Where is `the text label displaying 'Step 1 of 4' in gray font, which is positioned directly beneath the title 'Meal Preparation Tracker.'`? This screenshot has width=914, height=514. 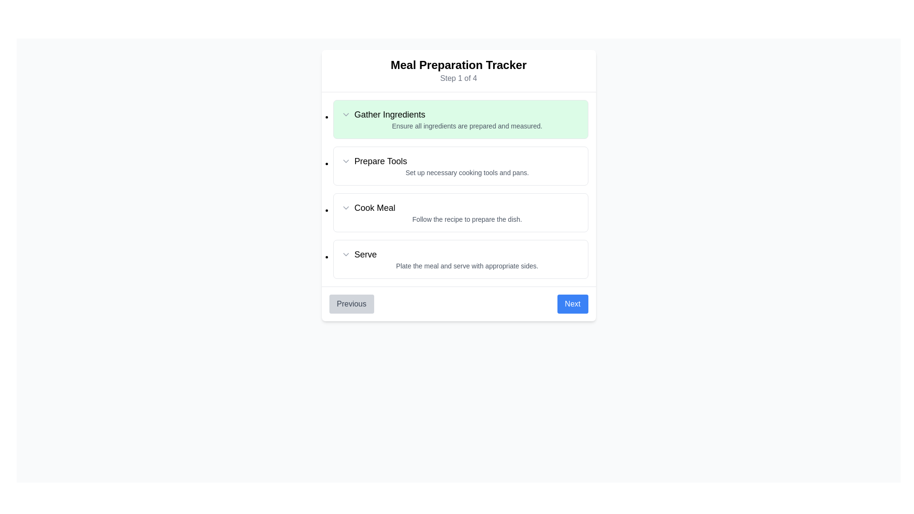
the text label displaying 'Step 1 of 4' in gray font, which is positioned directly beneath the title 'Meal Preparation Tracker.' is located at coordinates (458, 78).